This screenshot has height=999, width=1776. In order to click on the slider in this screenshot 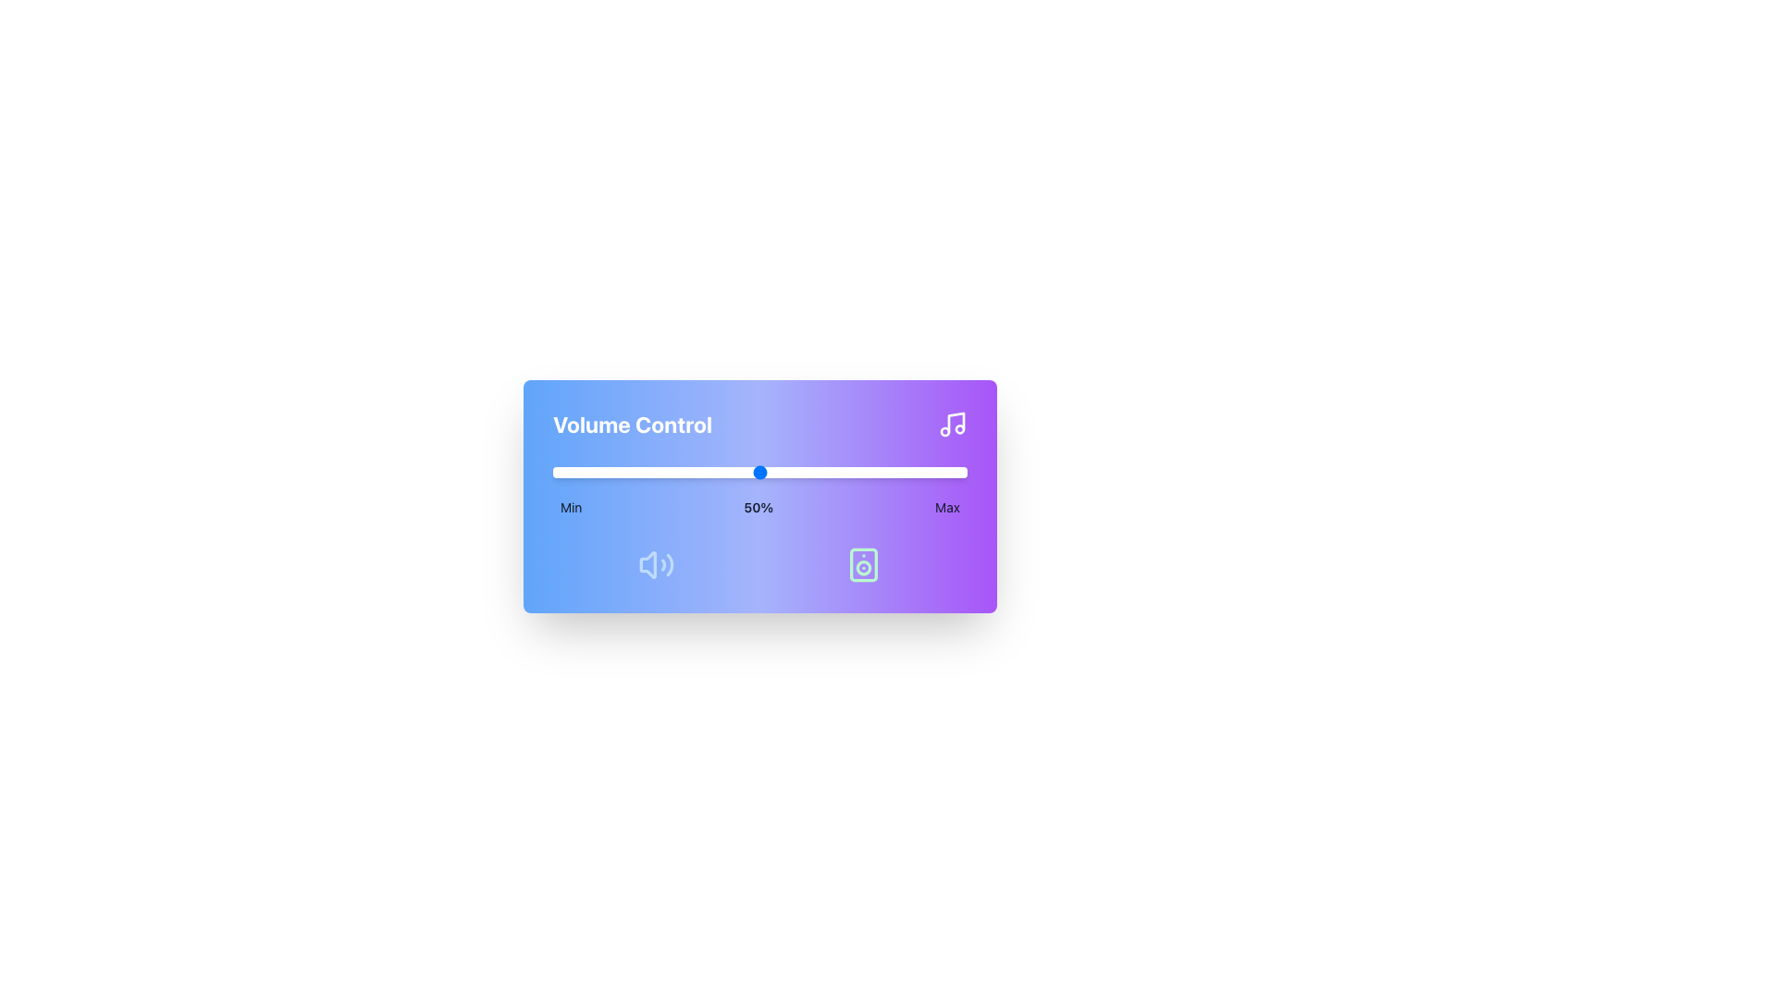, I will do `click(752, 471)`.